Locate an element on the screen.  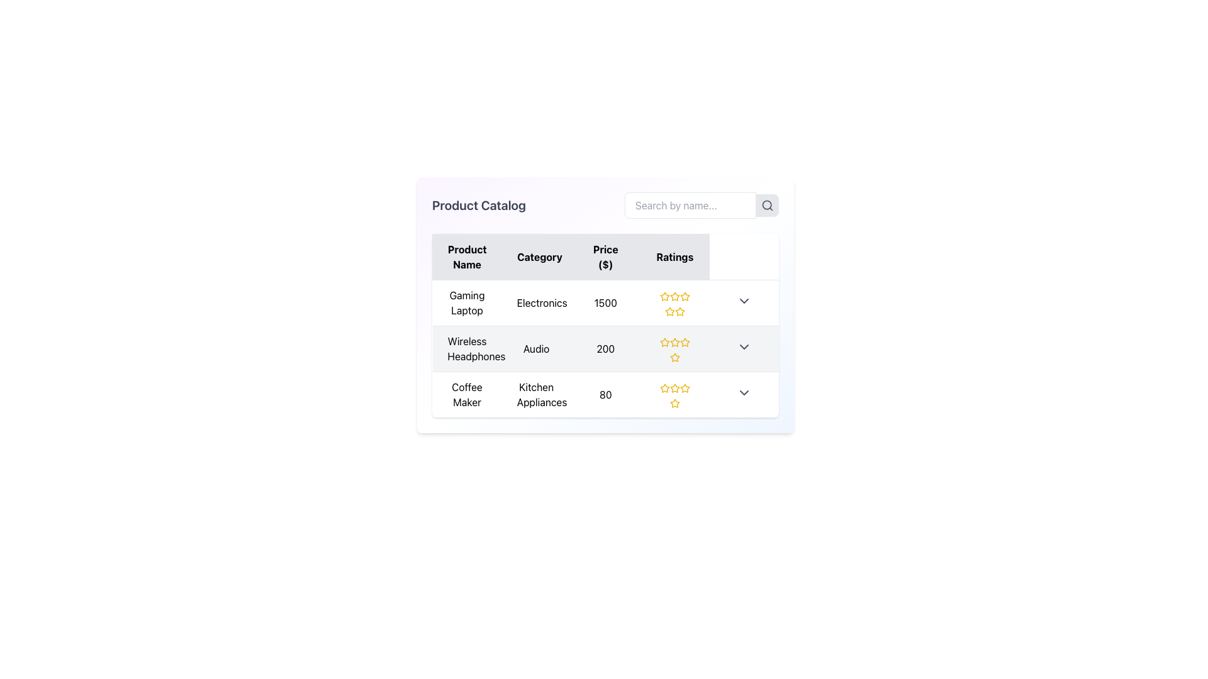
the search button located directly adjacent to the right side of the text input box in the header section is located at coordinates (766, 205).